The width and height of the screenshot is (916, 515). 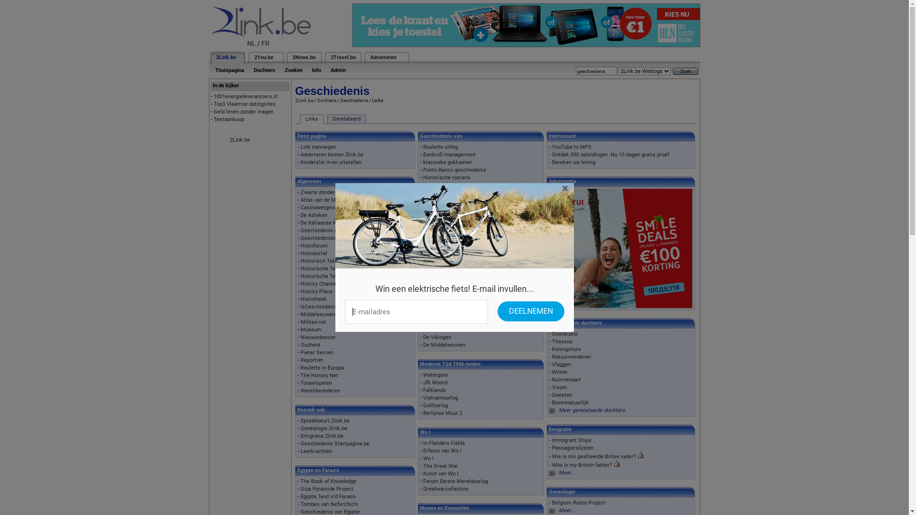 I want to click on 'Adverteren', so click(x=383, y=57).